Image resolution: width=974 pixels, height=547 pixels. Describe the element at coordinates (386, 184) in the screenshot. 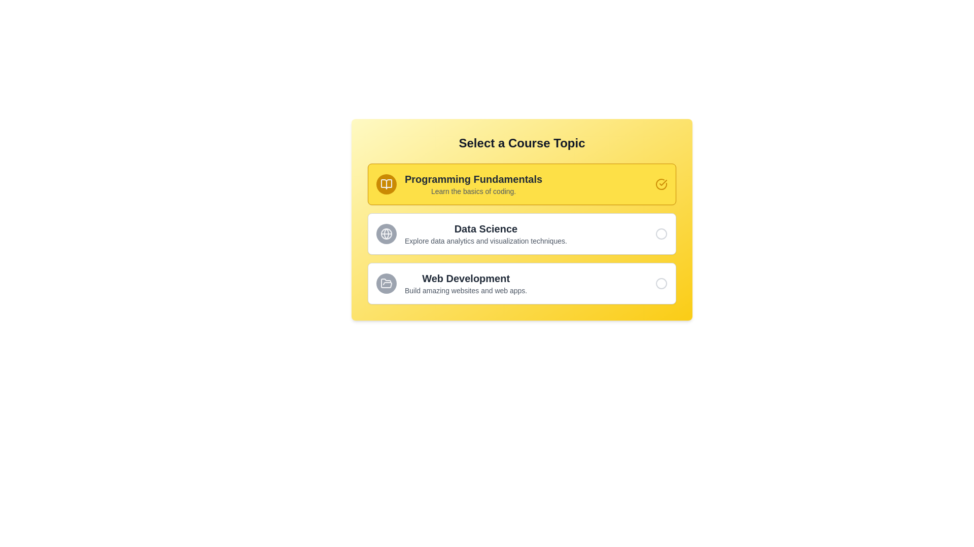

I see `the left half of the open book icon` at that location.